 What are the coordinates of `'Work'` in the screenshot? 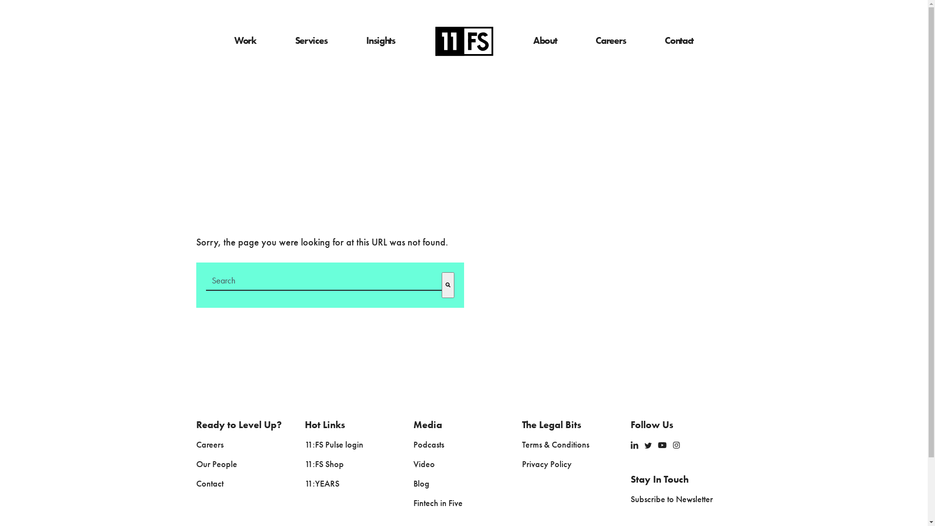 It's located at (245, 40).